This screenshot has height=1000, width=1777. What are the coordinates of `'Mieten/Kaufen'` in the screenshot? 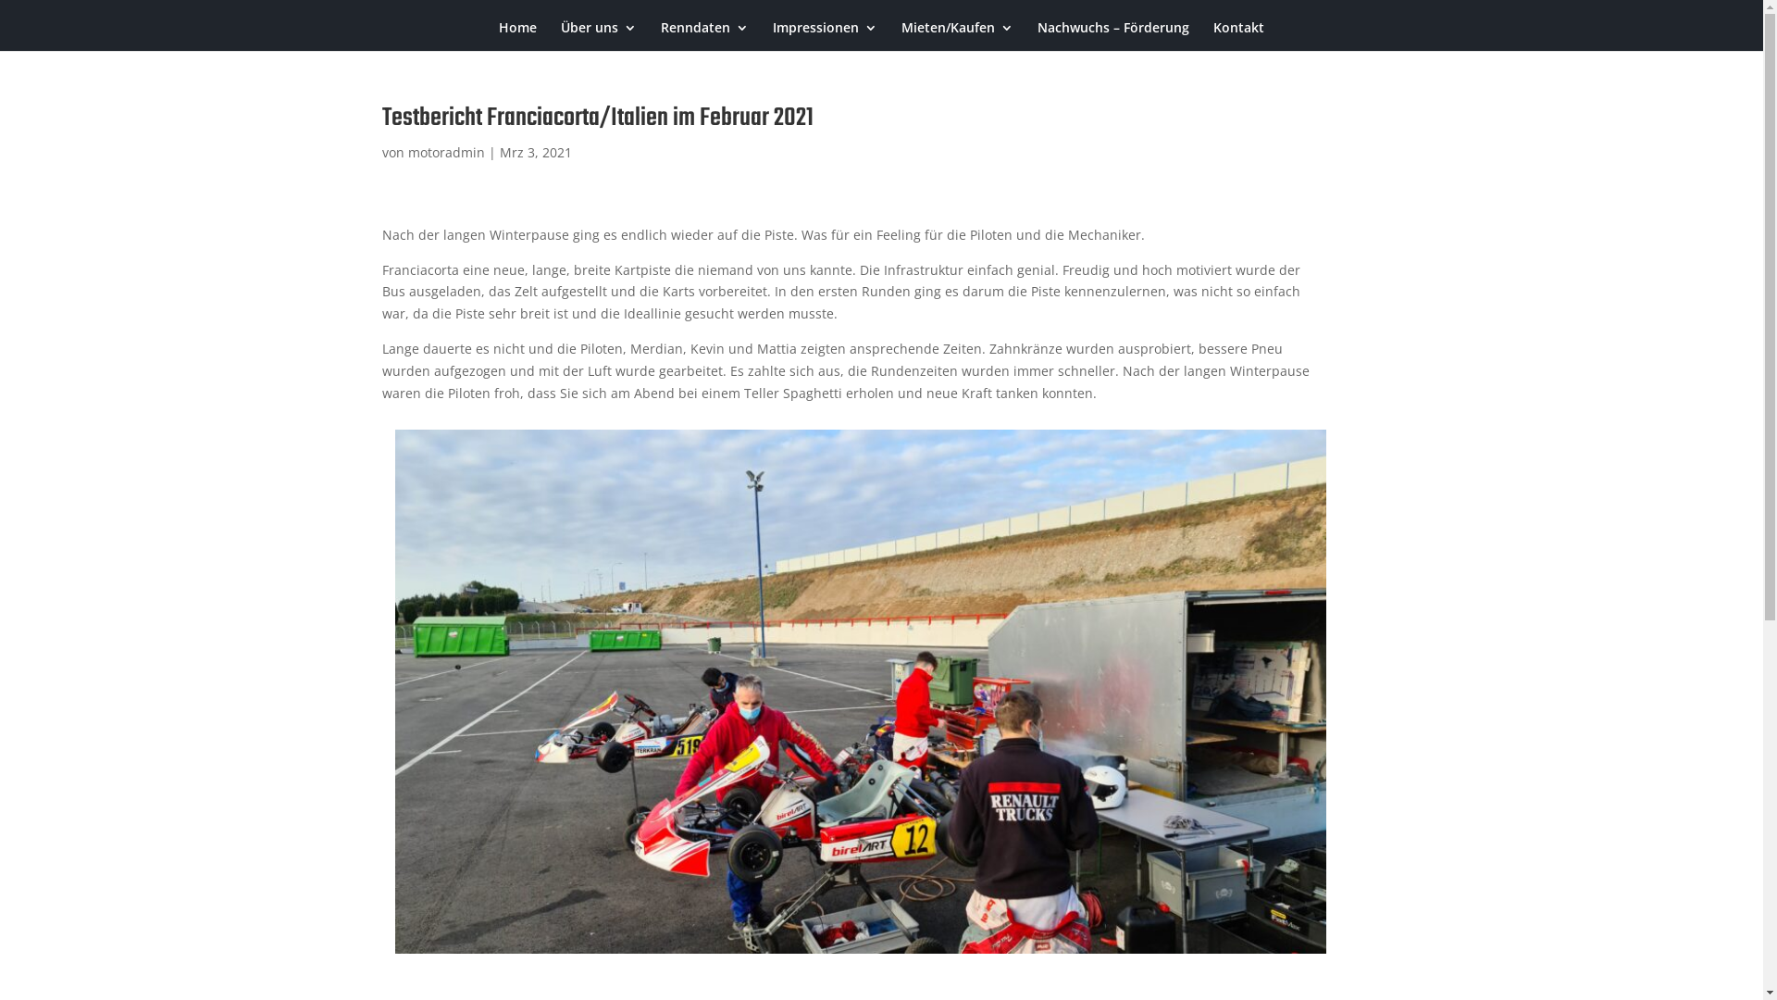 It's located at (957, 35).